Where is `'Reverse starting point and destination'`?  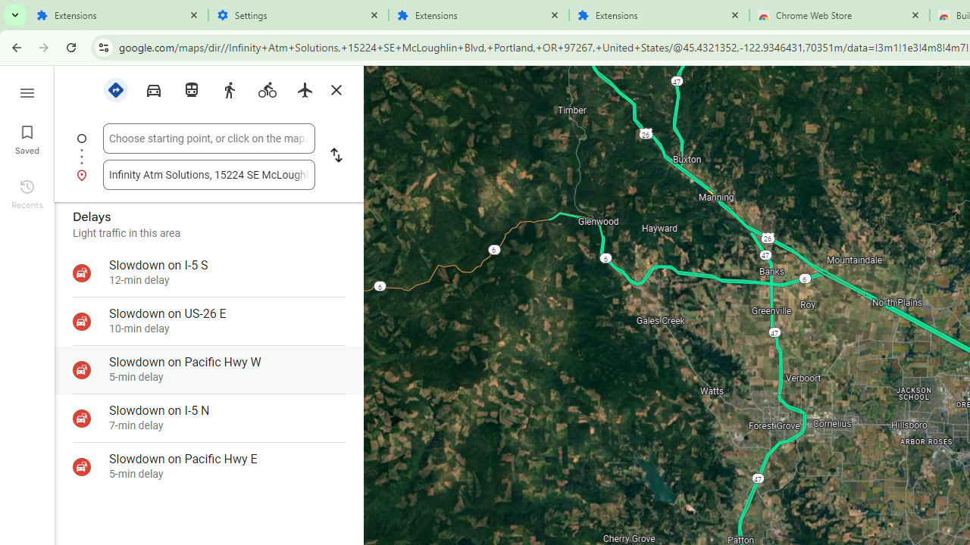 'Reverse starting point and destination' is located at coordinates (336, 156).